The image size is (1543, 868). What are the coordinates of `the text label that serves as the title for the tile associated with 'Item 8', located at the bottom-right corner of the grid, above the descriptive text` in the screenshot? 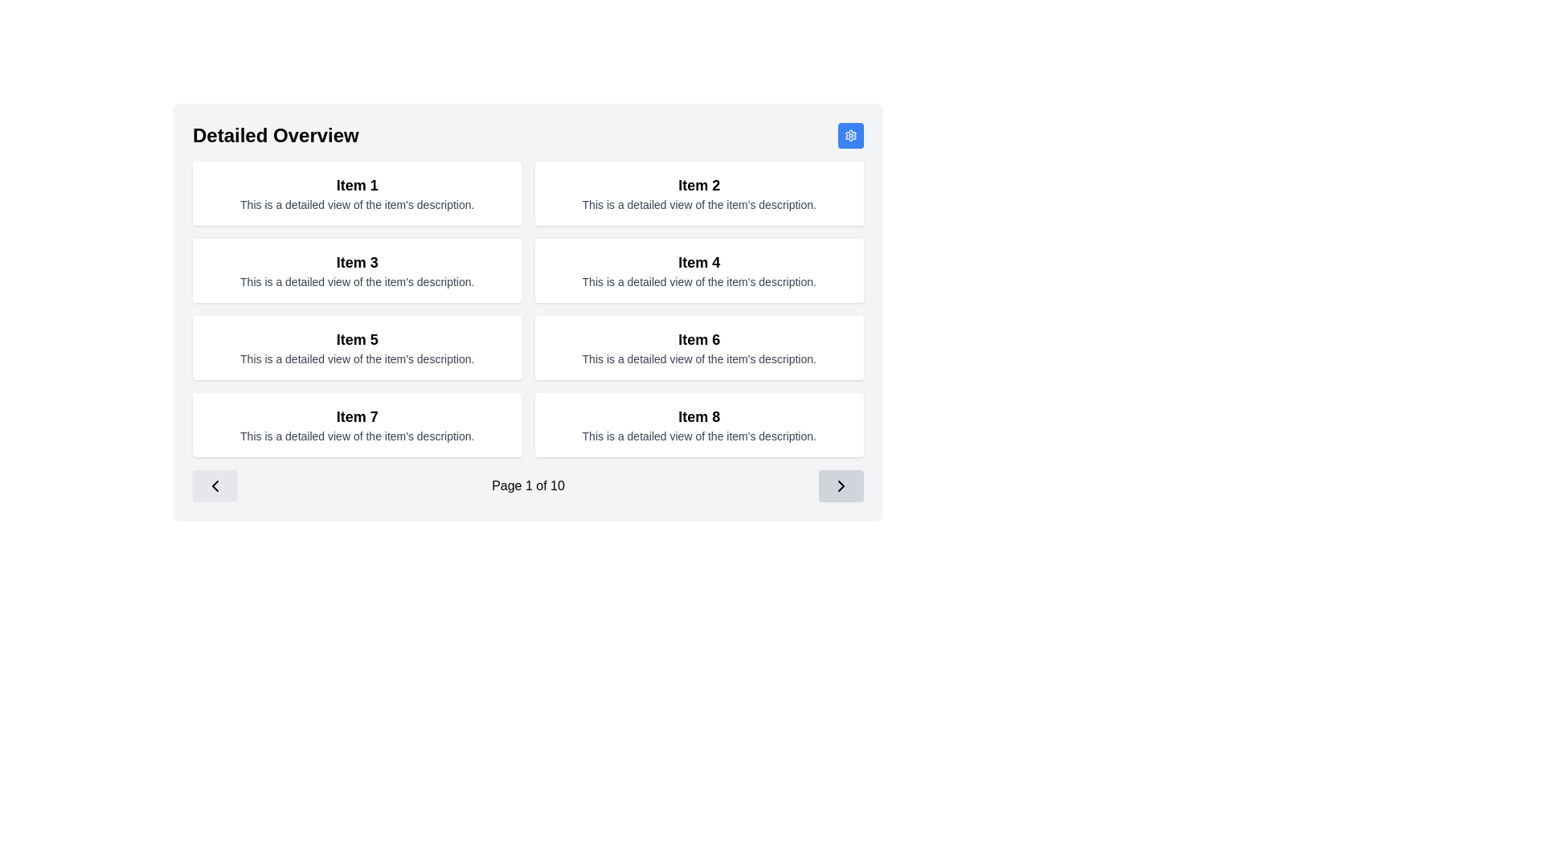 It's located at (699, 416).